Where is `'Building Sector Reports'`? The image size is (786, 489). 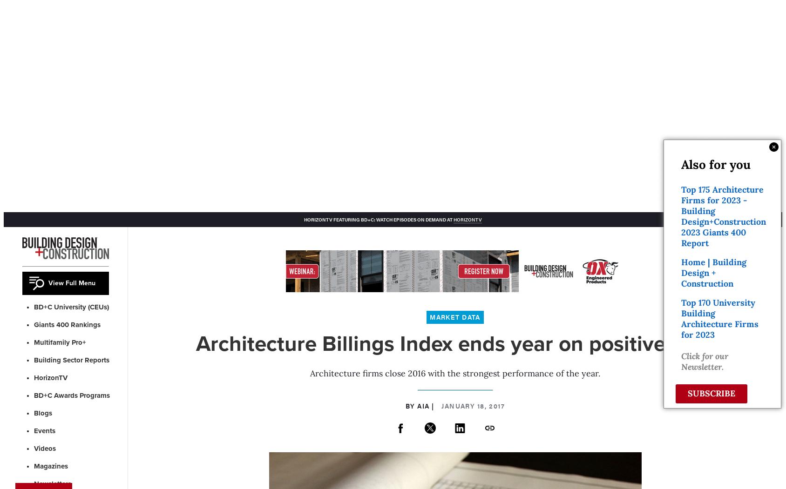
'Building Sector Reports' is located at coordinates (71, 359).